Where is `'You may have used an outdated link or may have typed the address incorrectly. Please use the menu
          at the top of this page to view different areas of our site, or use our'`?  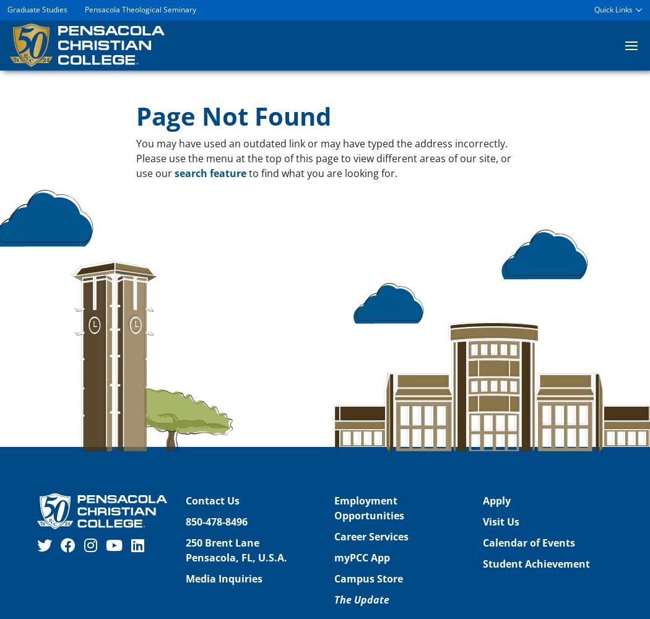
'You may have used an outdated link or may have typed the address incorrectly. Please use the menu
          at the top of this page to view different areas of our site, or use our' is located at coordinates (323, 158).